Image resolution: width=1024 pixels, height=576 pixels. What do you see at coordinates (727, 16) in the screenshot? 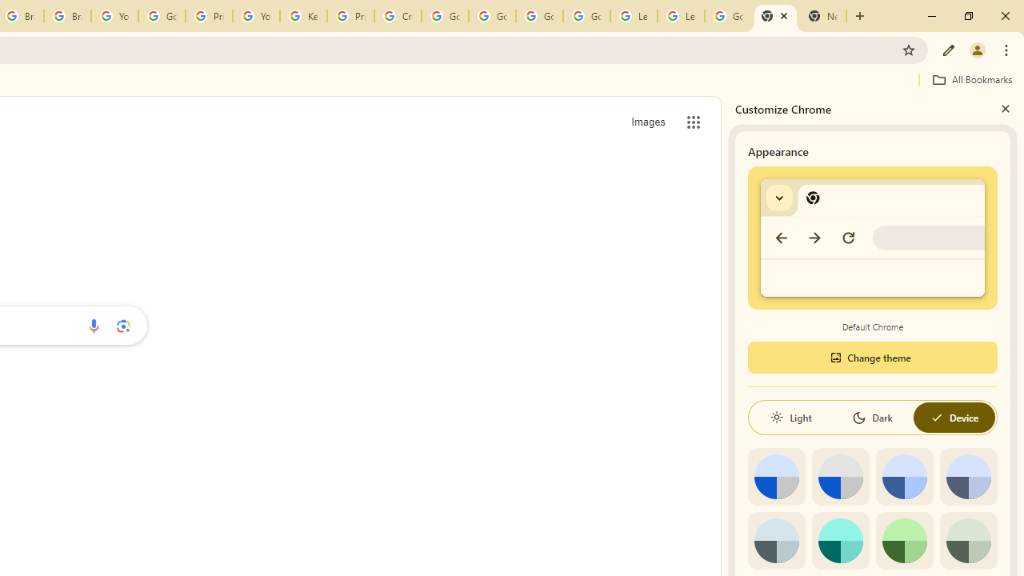
I see `'Google Account'` at bounding box center [727, 16].